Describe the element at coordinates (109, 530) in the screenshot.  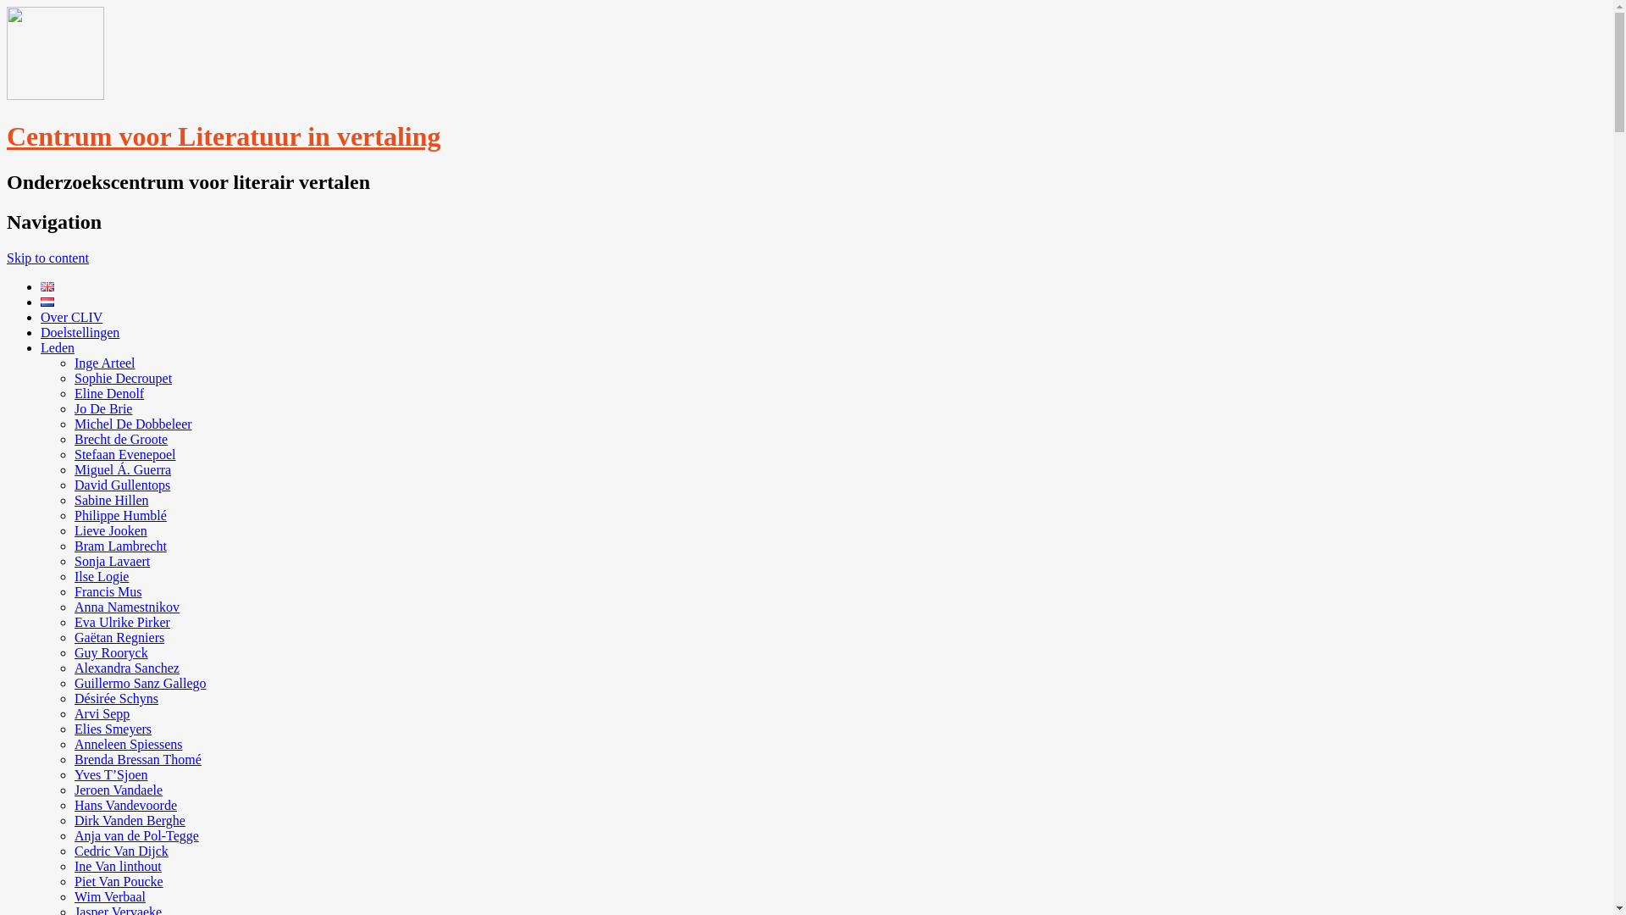
I see `'Lieve Jooken'` at that location.